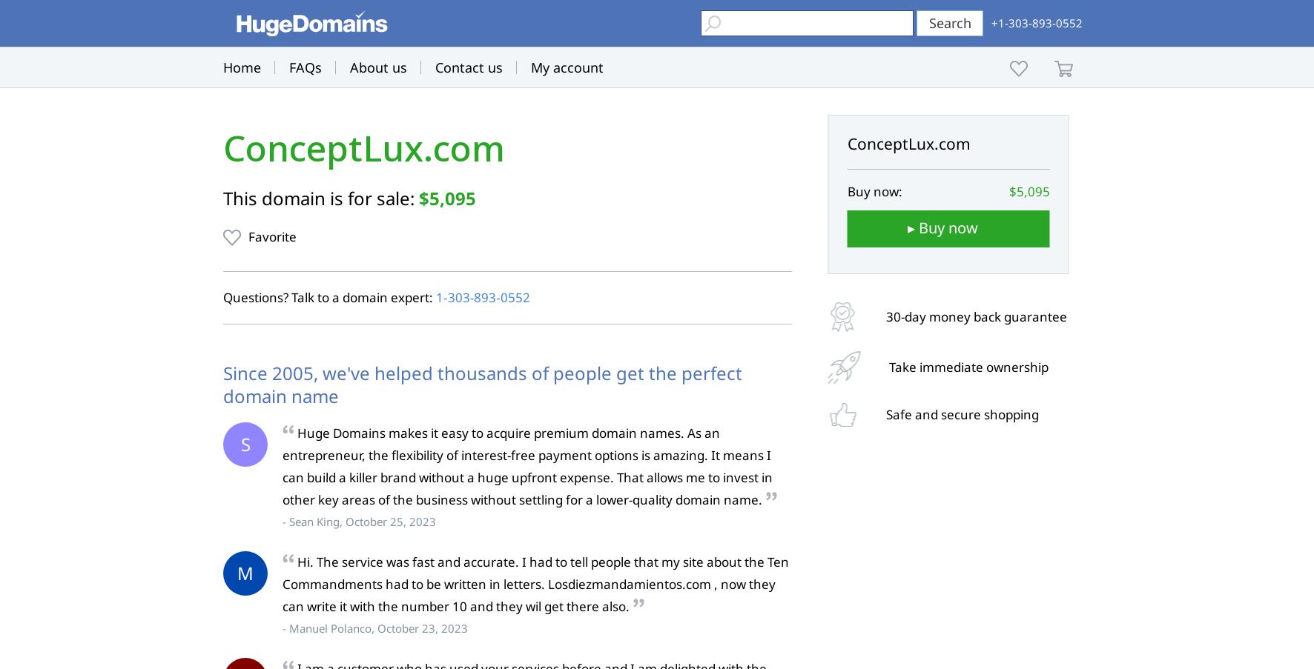 The width and height of the screenshot is (1314, 669). Describe the element at coordinates (447, 197) in the screenshot. I see `'$5,095'` at that location.